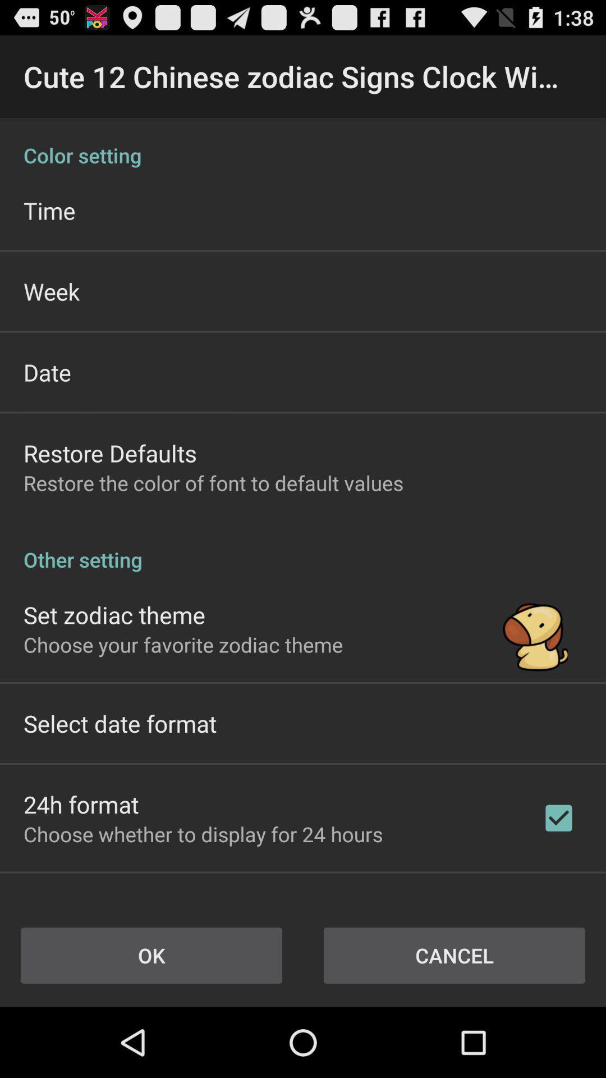  Describe the element at coordinates (213, 483) in the screenshot. I see `icon below restore defaults icon` at that location.